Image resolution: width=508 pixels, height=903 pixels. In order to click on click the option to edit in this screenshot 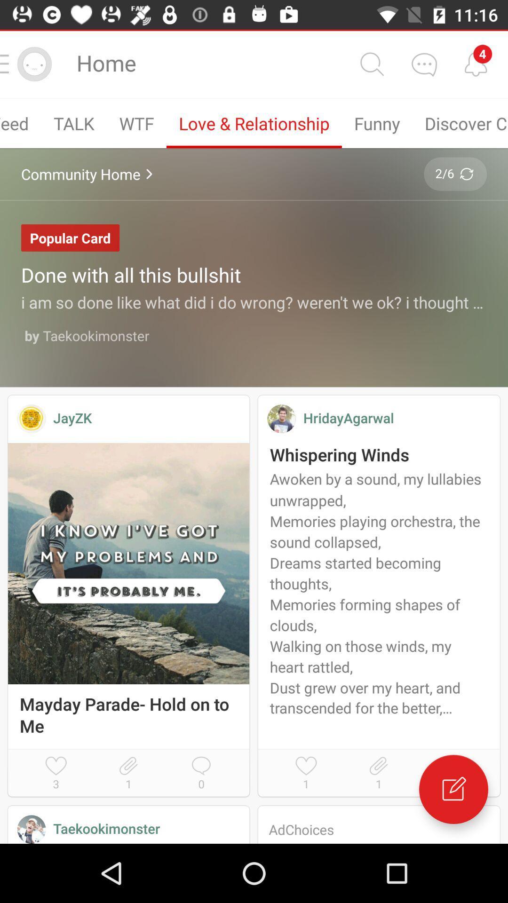, I will do `click(453, 789)`.